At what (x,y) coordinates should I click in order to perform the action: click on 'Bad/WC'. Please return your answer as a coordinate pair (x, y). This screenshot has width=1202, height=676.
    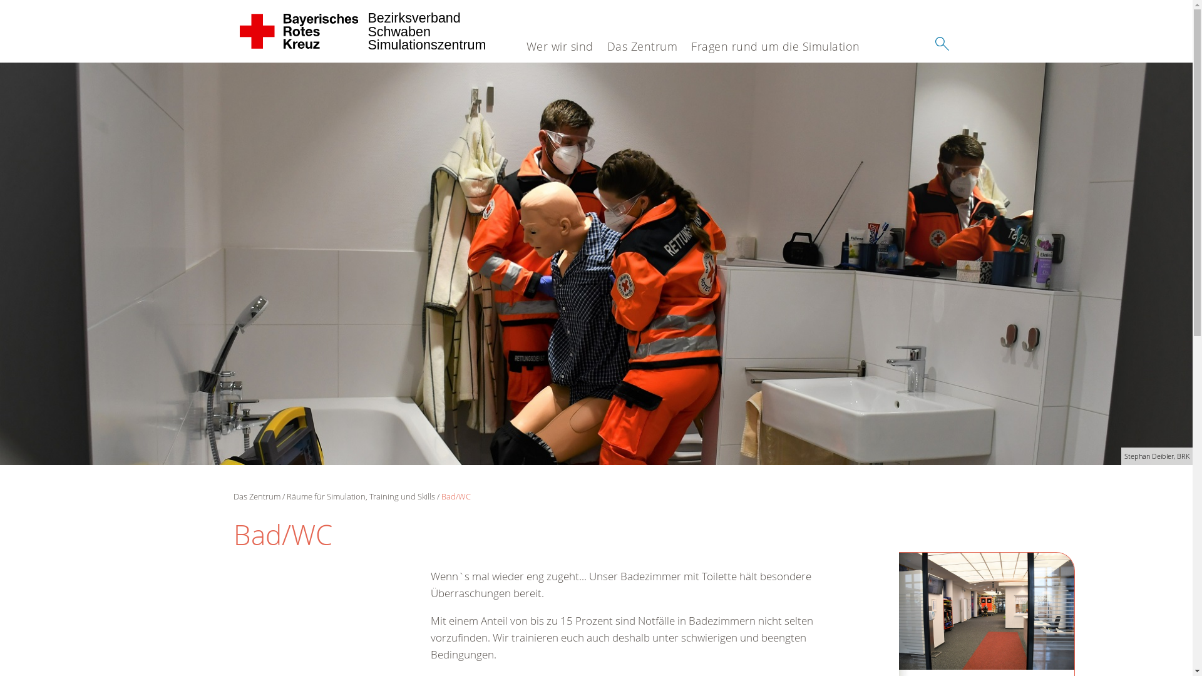
    Looking at the image, I should click on (595, 263).